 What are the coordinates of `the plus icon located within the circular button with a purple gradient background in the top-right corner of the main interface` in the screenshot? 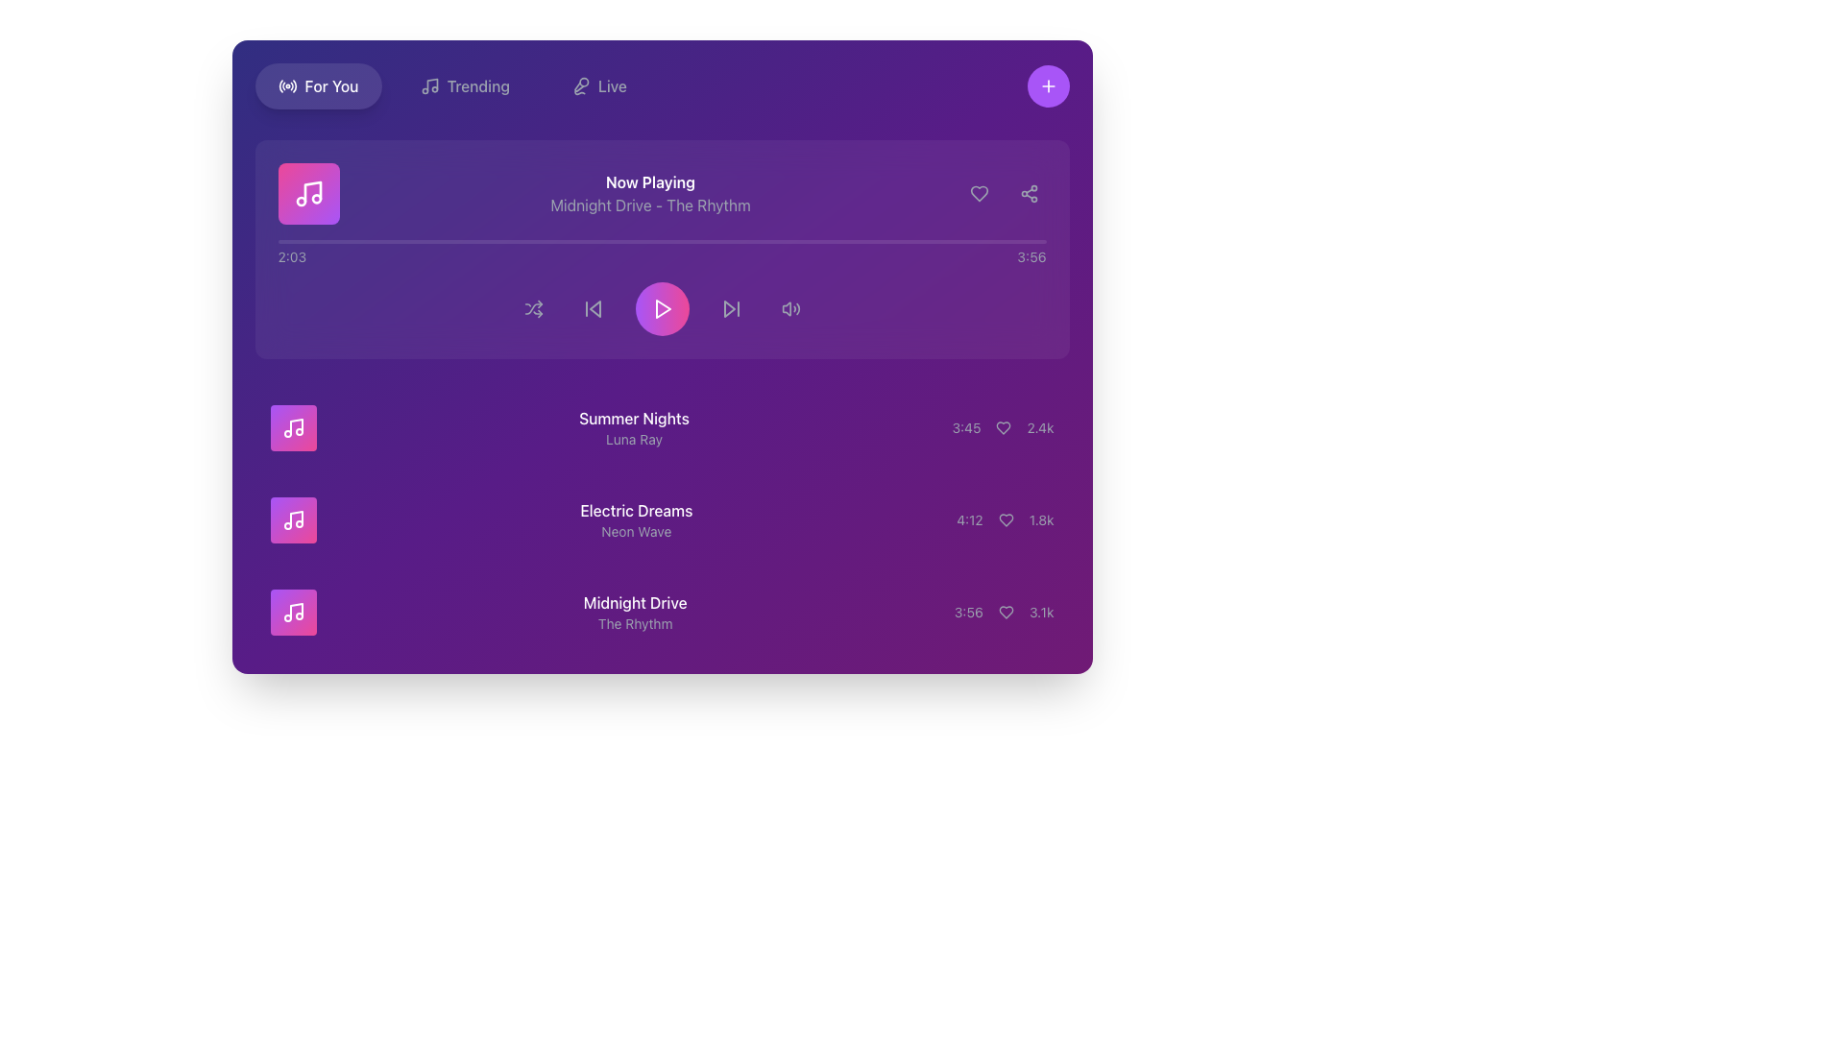 It's located at (1047, 84).